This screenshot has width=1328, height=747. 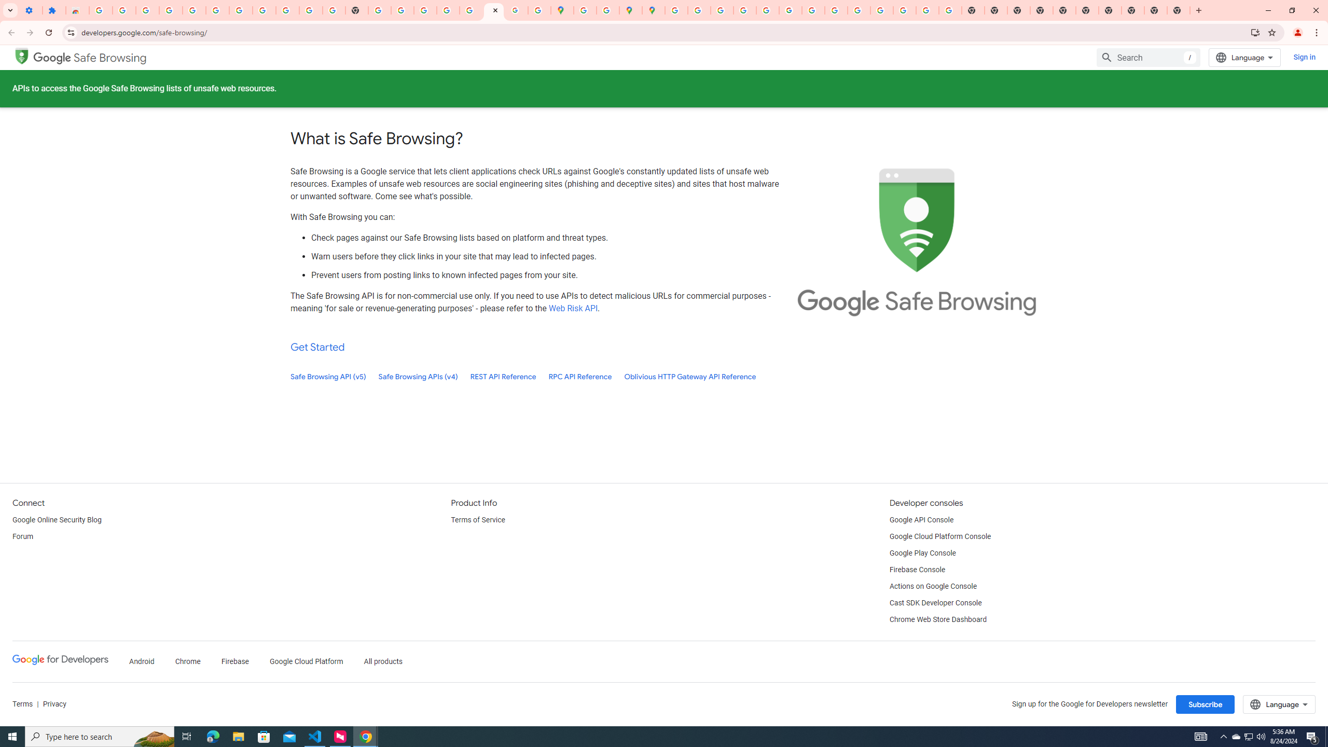 I want to click on 'REST API Reference', so click(x=503, y=376).